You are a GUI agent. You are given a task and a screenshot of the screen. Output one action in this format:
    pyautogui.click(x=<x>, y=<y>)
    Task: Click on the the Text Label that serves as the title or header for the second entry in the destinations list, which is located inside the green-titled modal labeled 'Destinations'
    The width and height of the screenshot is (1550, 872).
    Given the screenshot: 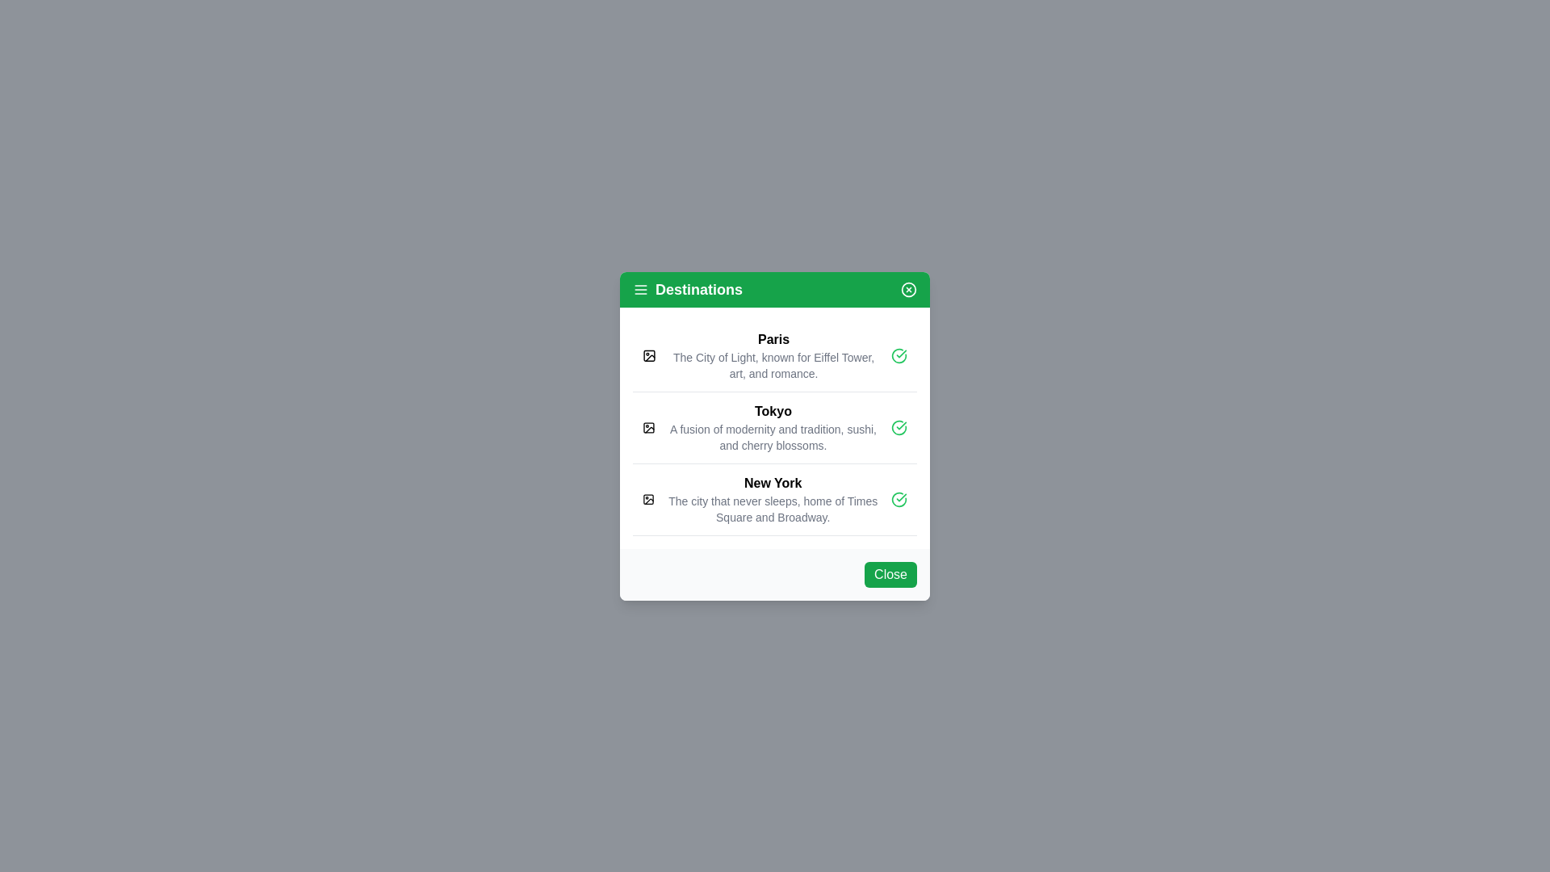 What is the action you would take?
    pyautogui.click(x=772, y=410)
    